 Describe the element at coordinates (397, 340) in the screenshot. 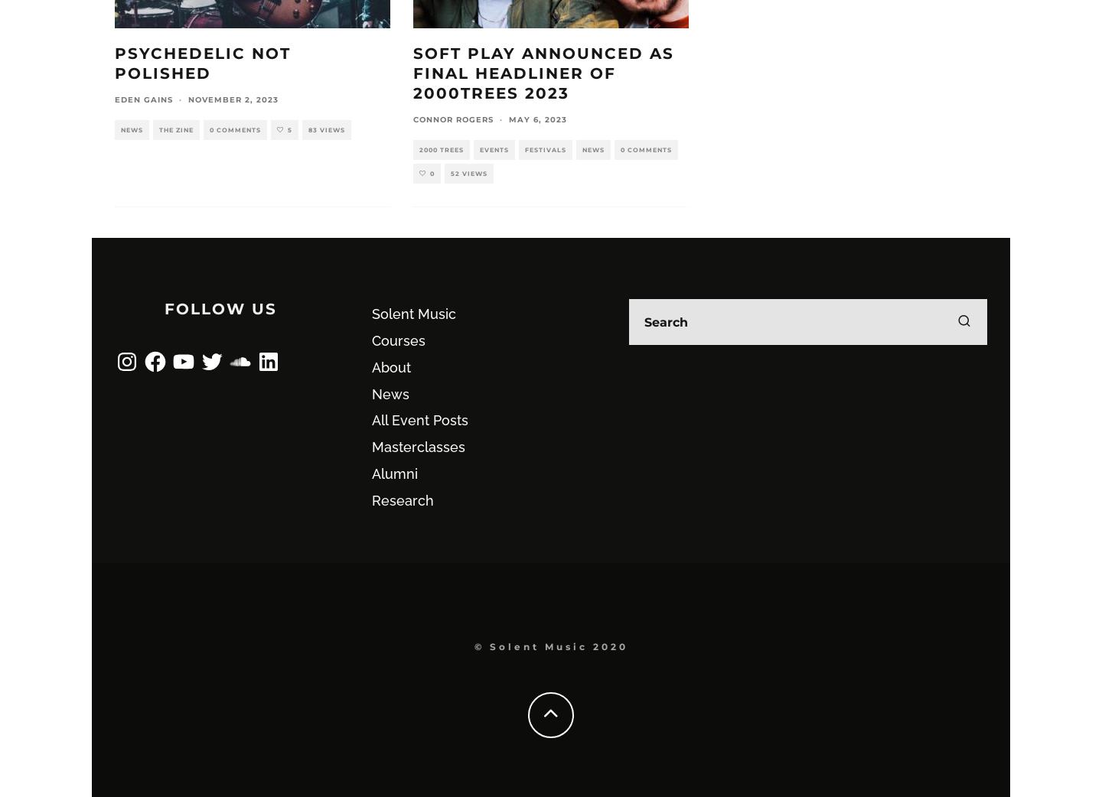

I see `'Courses'` at that location.